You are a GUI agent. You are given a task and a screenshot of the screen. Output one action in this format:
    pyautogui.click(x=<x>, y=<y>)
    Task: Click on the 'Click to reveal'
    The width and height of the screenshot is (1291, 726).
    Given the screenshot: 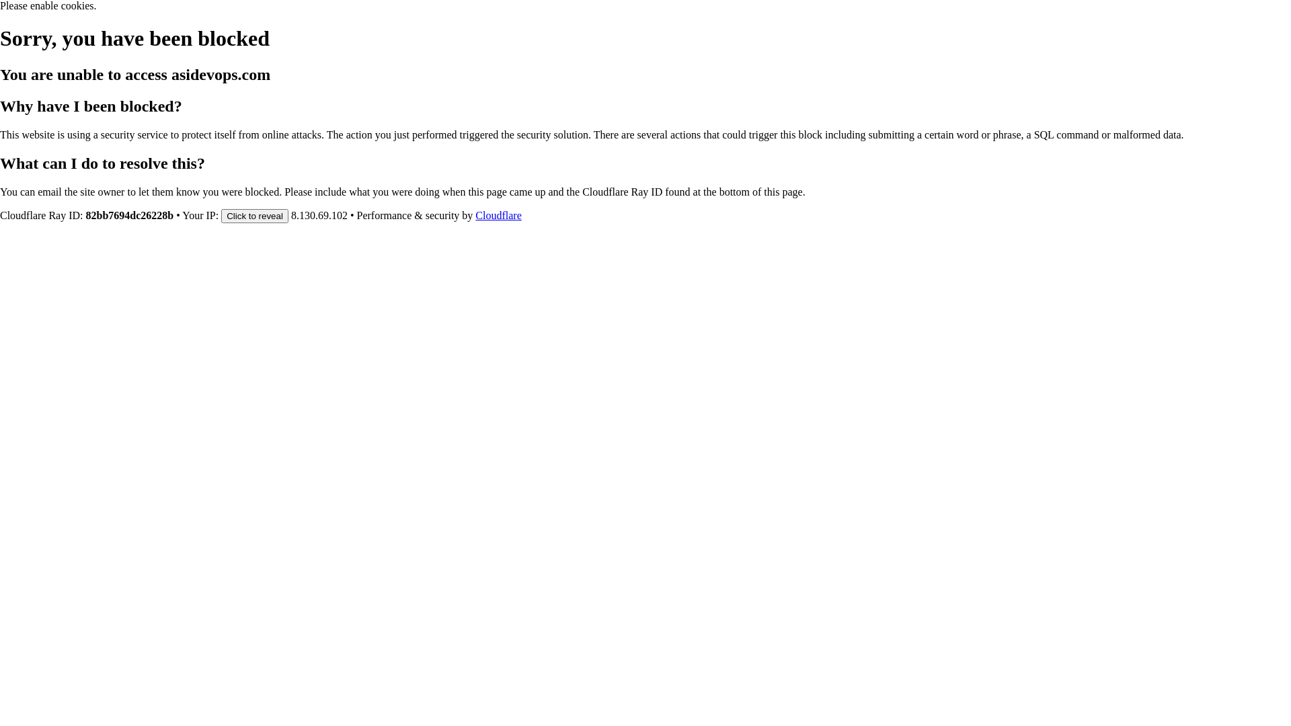 What is the action you would take?
    pyautogui.click(x=221, y=214)
    